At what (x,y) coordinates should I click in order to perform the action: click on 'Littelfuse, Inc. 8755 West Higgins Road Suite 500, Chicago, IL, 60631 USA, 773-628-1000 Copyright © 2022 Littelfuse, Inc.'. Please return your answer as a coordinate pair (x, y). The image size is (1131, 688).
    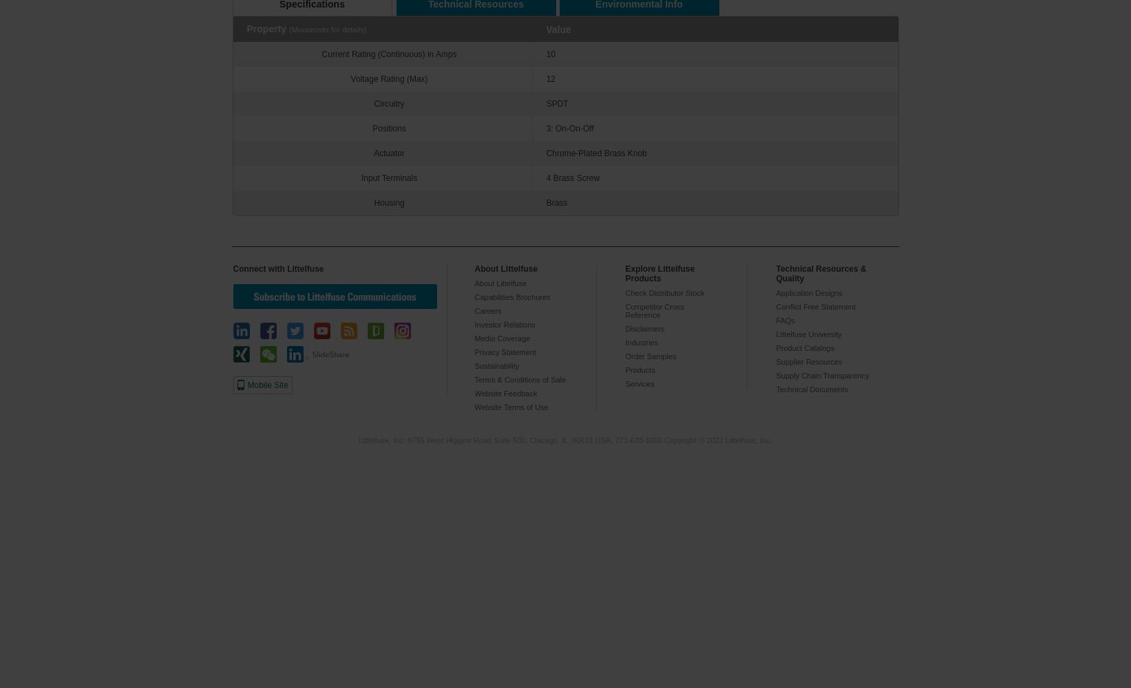
    Looking at the image, I should click on (565, 440).